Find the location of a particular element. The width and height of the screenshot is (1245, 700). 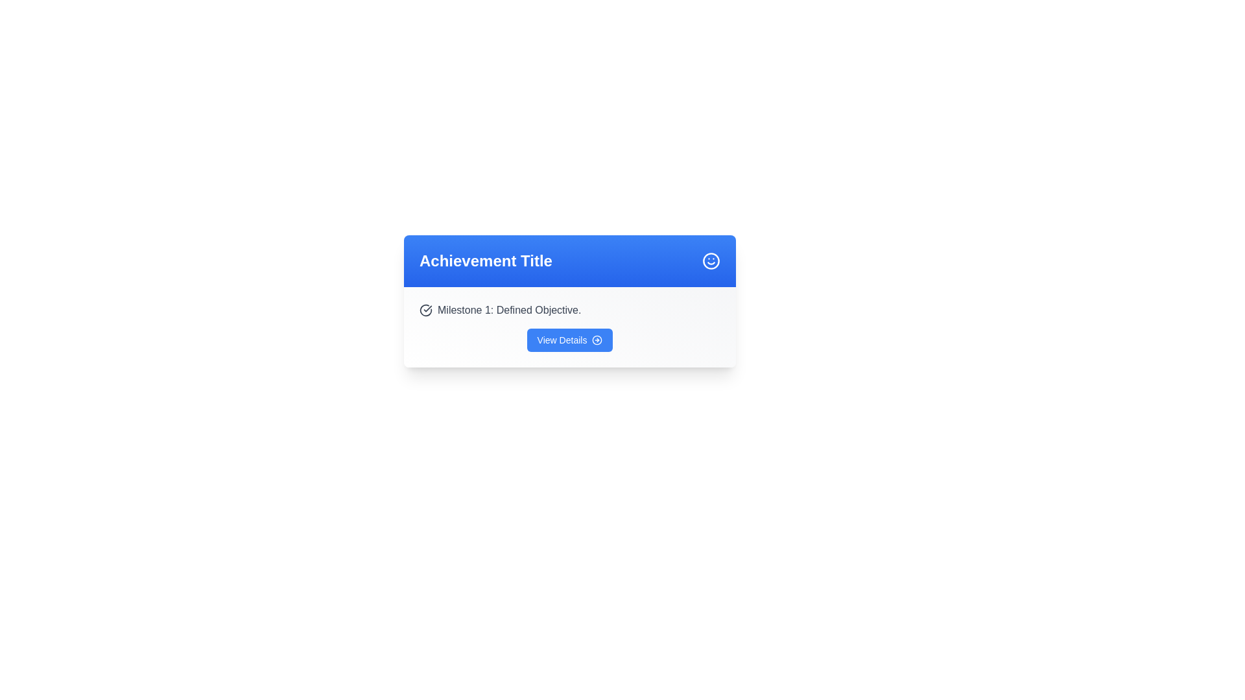

the Circle SVG element that is part of the arrow icon located to the right of the 'View Details' button is located at coordinates (597, 339).